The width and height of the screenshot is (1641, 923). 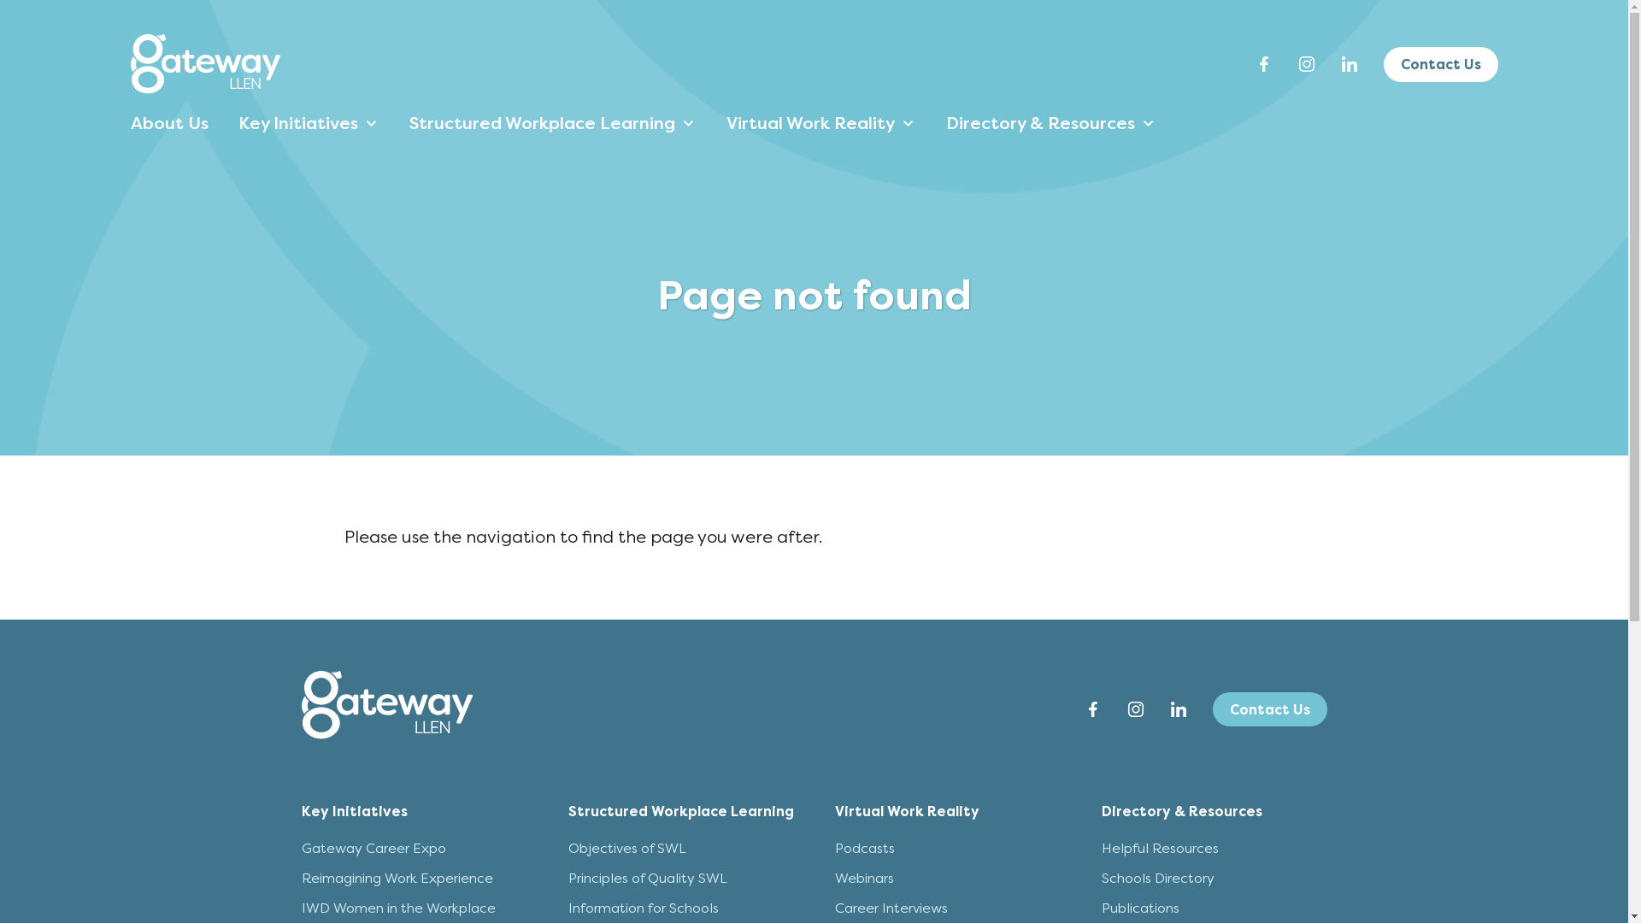 What do you see at coordinates (679, 810) in the screenshot?
I see `'Structured Workplace Learning'` at bounding box center [679, 810].